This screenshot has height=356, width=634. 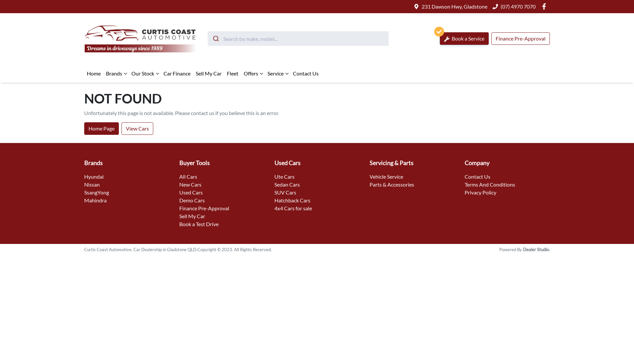 I want to click on 'Terms And Conditions', so click(x=490, y=184).